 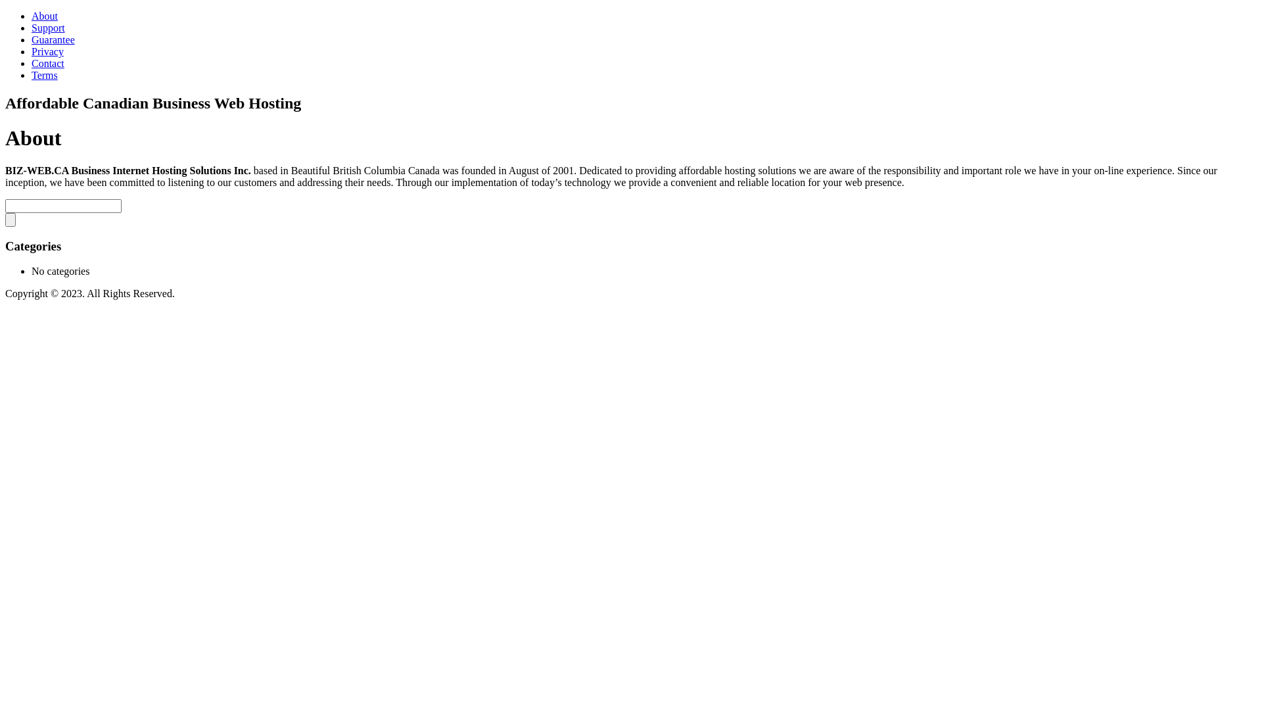 I want to click on 'Contact', so click(x=32, y=63).